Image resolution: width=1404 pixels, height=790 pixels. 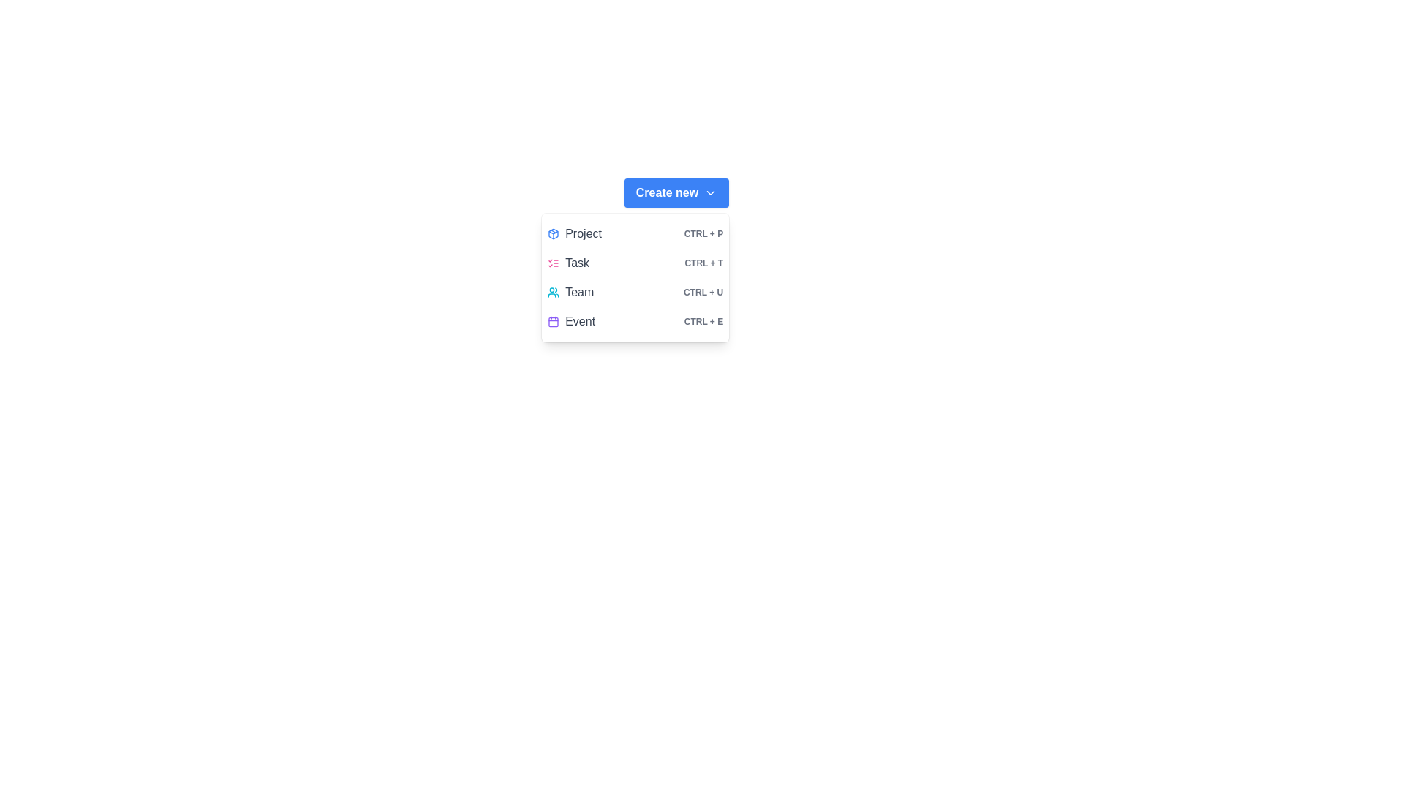 I want to click on the uppercase, bold, grey text label that reads 'Ctrl + T', located at the right side of the 'Task' row in the vertically aligned menu, so click(x=703, y=262).